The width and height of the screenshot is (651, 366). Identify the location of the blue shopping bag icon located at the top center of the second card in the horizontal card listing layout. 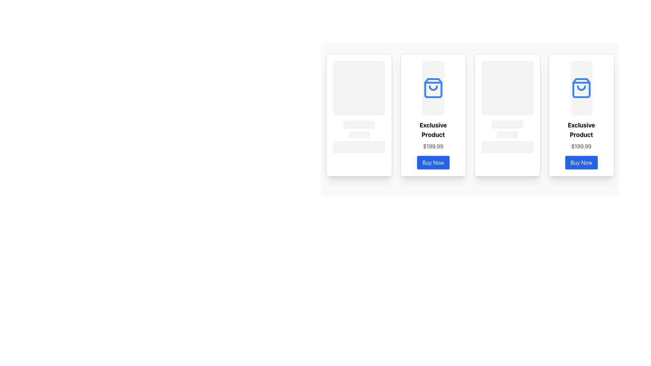
(433, 87).